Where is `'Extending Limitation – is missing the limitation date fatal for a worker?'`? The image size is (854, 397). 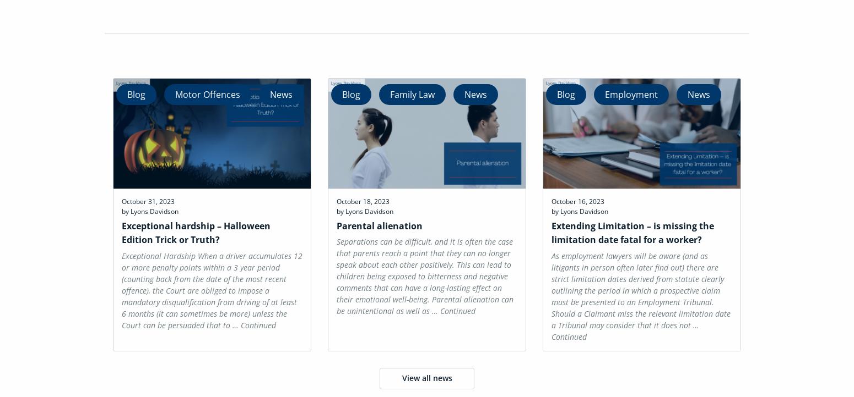 'Extending Limitation – is missing the limitation date fatal for a worker?' is located at coordinates (631, 232).